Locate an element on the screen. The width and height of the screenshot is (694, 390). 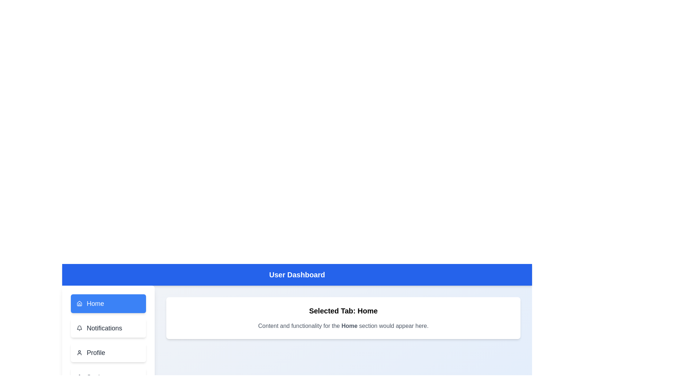
the text 'Selected Tab: Home' for copying is located at coordinates (343, 310).